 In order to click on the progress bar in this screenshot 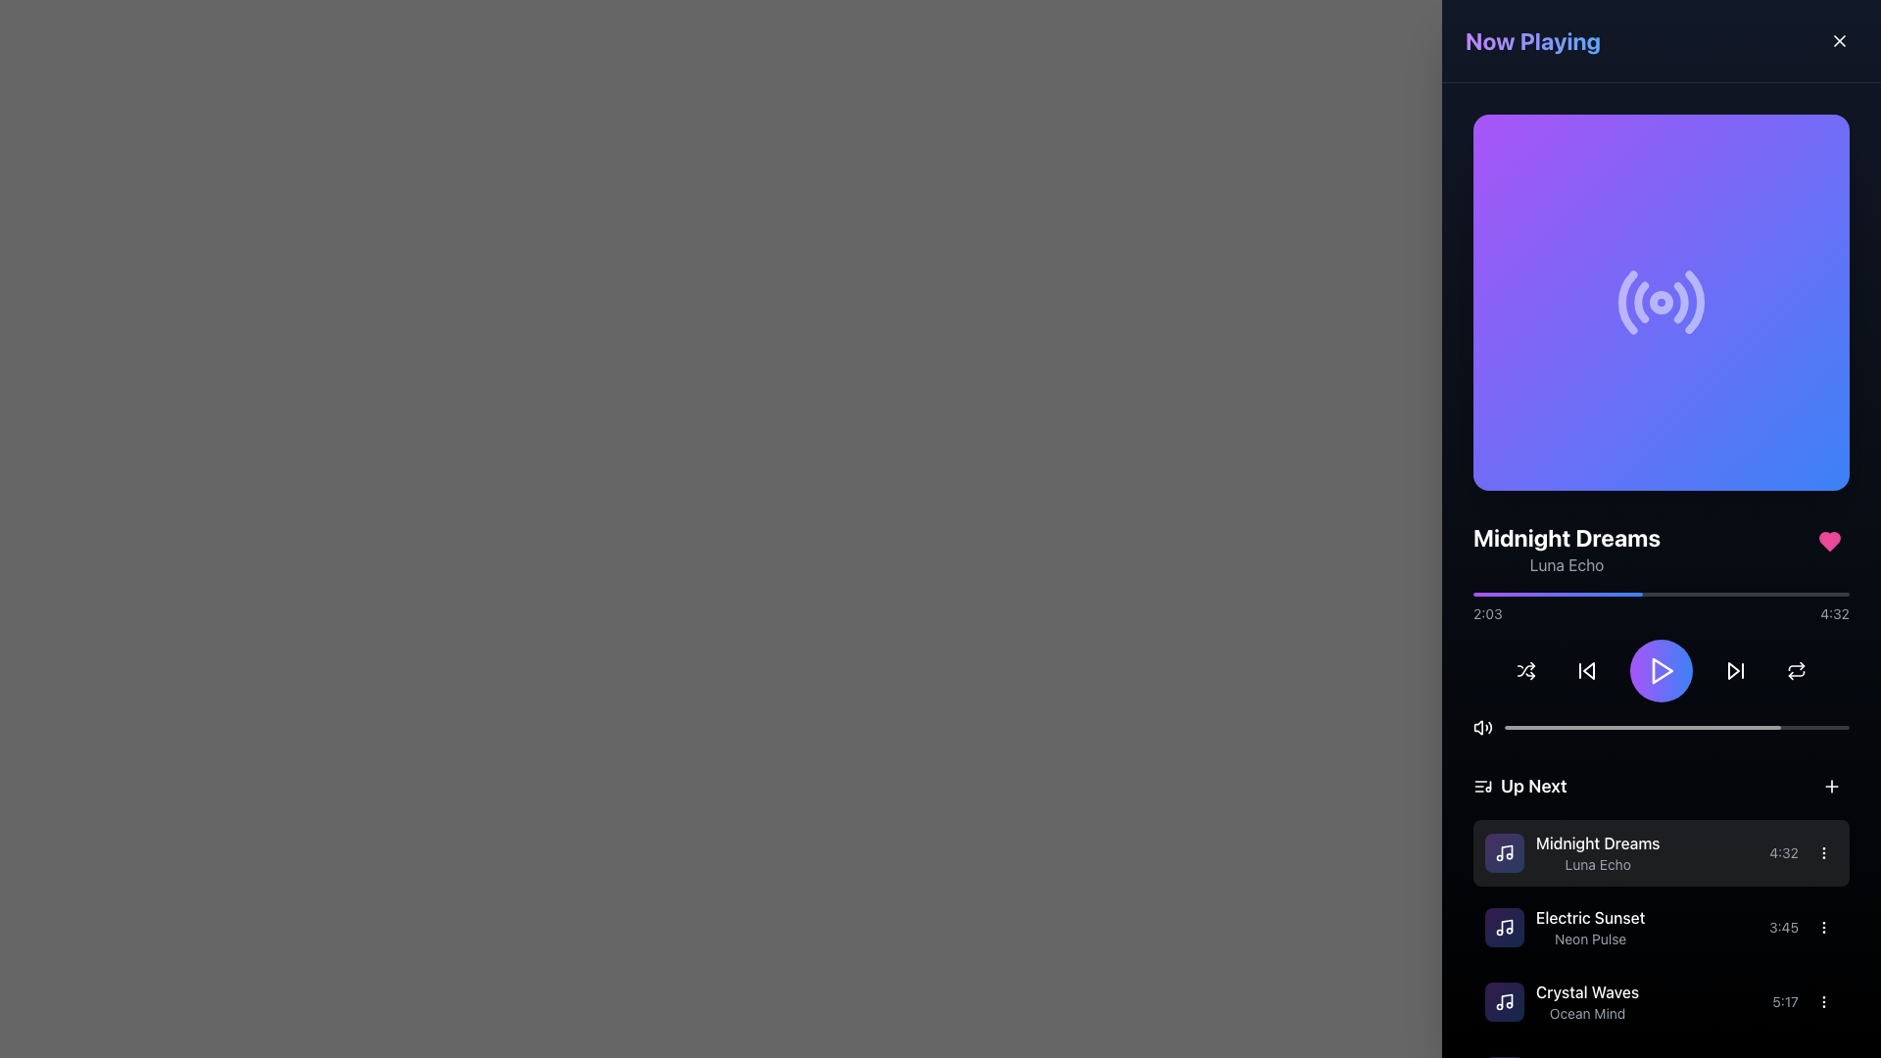, I will do `click(1543, 593)`.